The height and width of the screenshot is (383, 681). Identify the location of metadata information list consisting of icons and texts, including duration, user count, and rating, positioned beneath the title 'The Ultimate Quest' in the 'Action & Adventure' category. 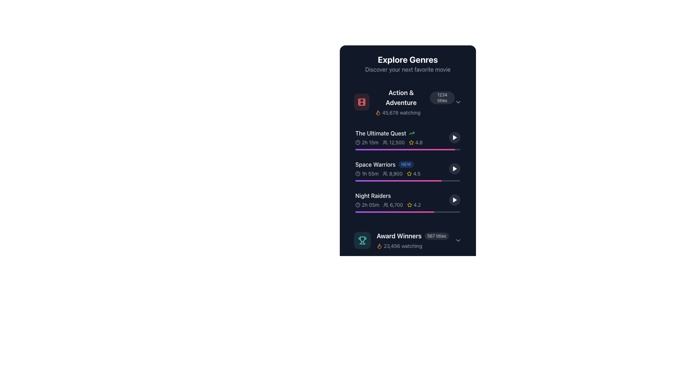
(402, 142).